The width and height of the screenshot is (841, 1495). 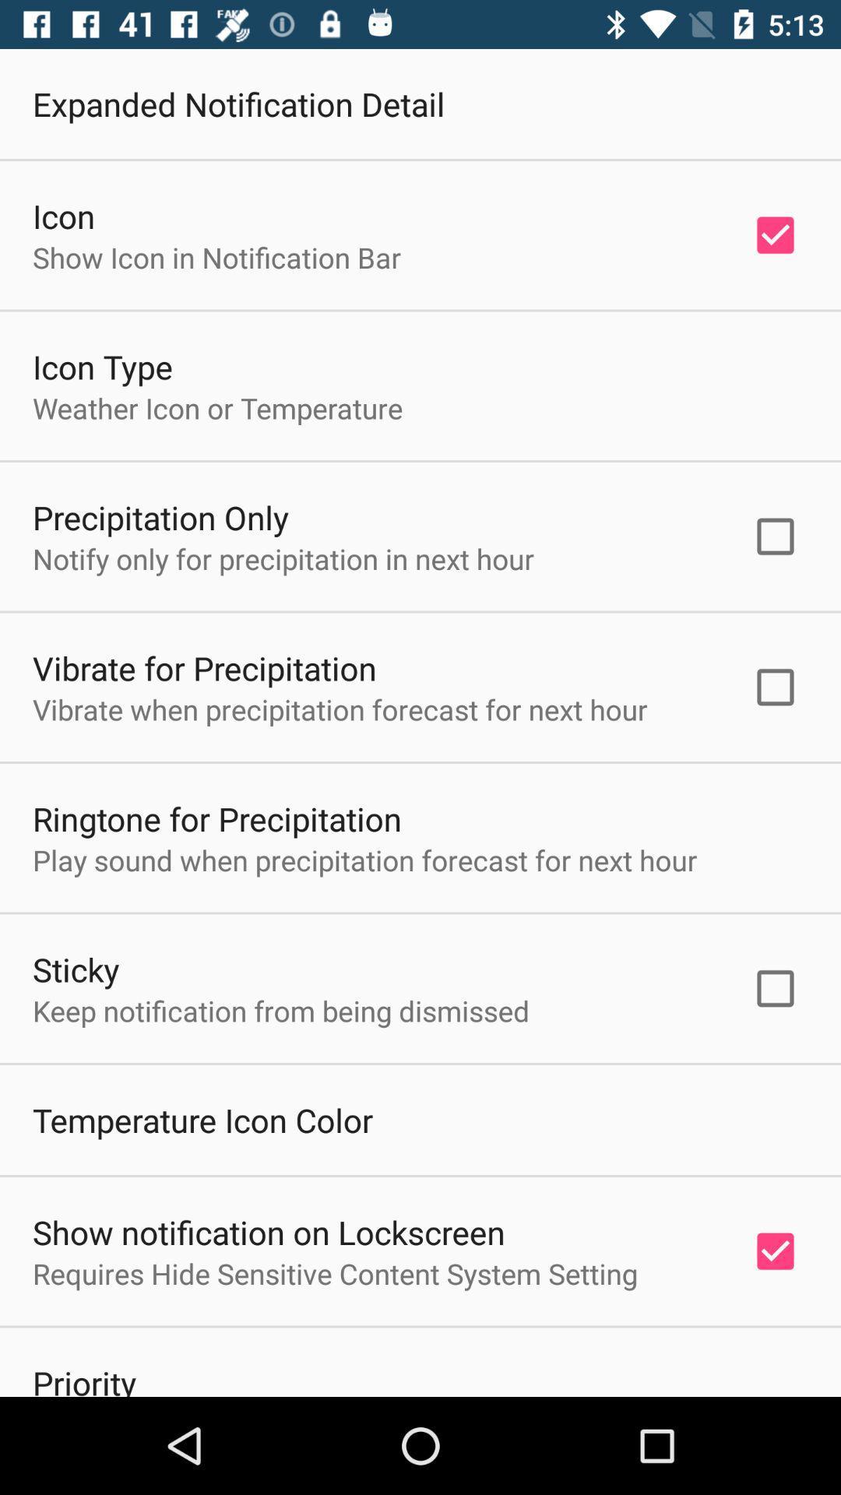 What do you see at coordinates (364, 859) in the screenshot?
I see `play sound when item` at bounding box center [364, 859].